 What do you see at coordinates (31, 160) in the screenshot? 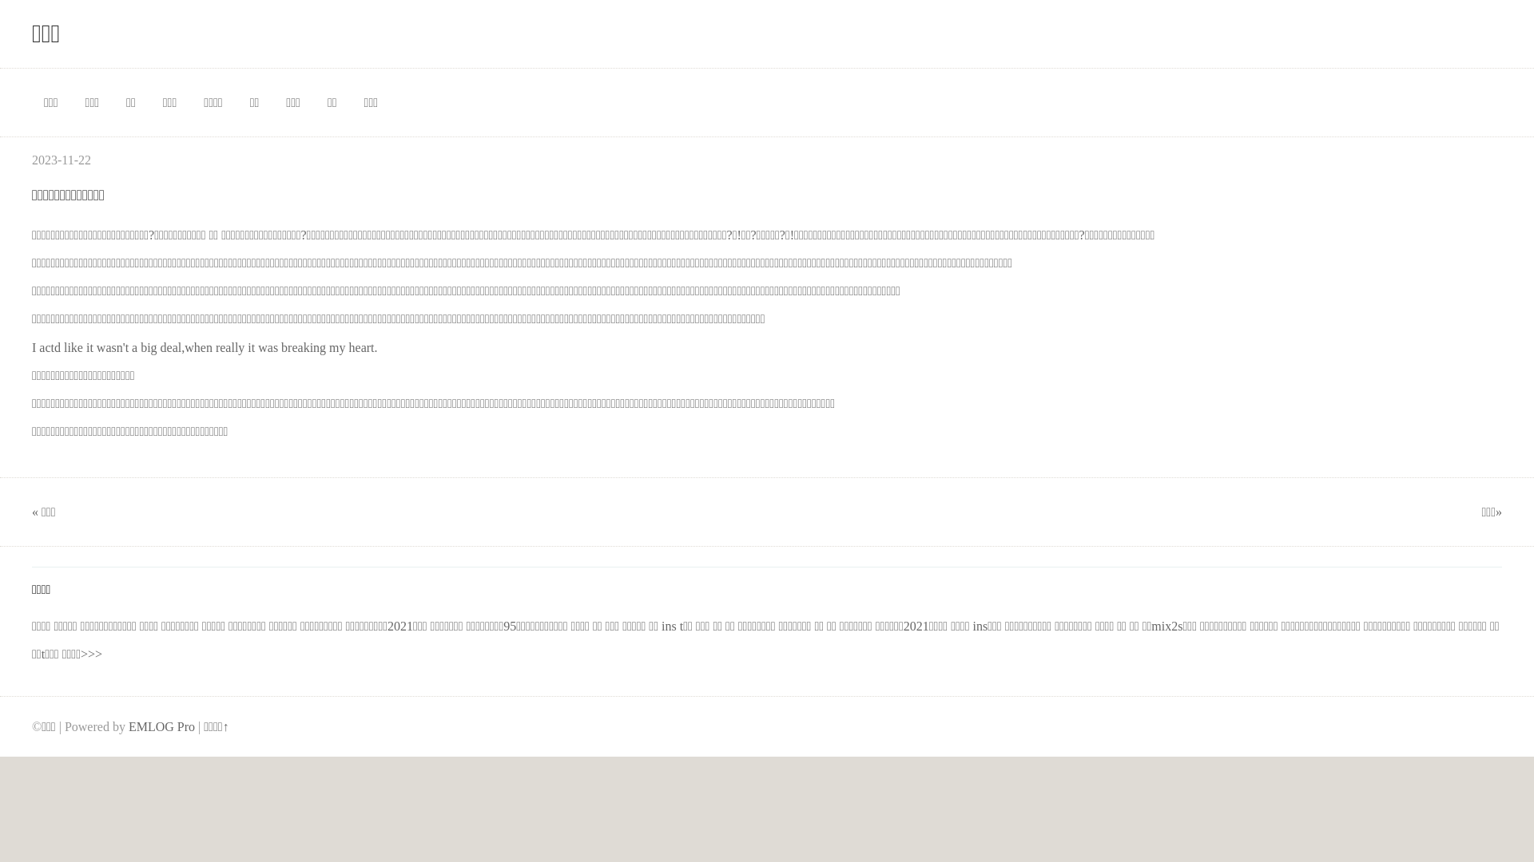
I see `'2023-11-22'` at bounding box center [31, 160].